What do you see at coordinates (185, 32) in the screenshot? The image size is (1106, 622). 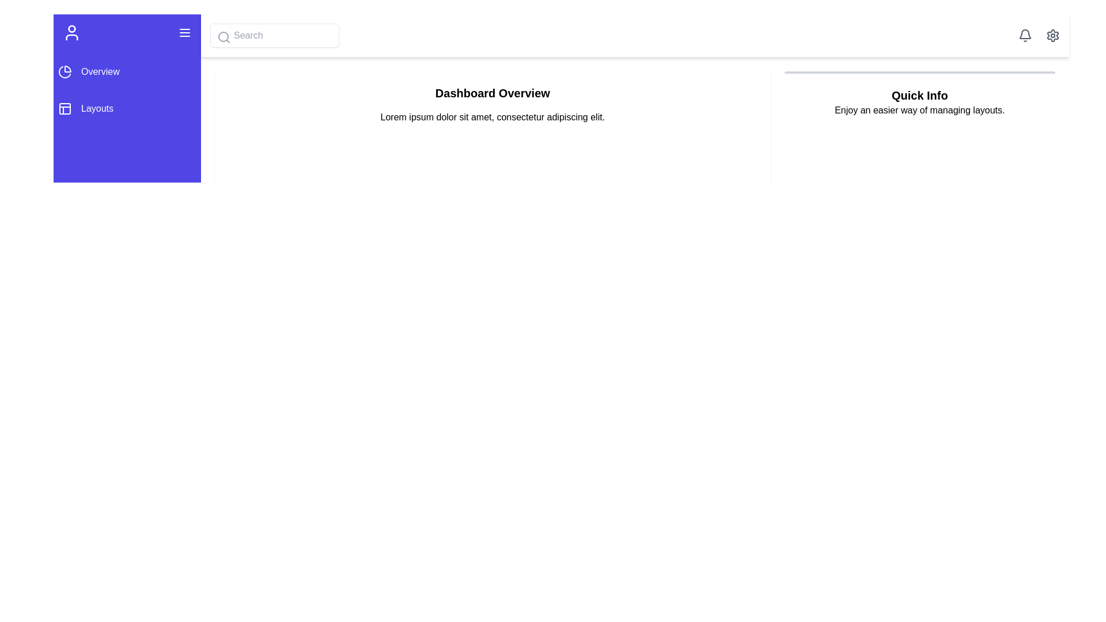 I see `the minimalistic three-bar menu button located in the top-right corner of the vertical blue navigation bar` at bounding box center [185, 32].